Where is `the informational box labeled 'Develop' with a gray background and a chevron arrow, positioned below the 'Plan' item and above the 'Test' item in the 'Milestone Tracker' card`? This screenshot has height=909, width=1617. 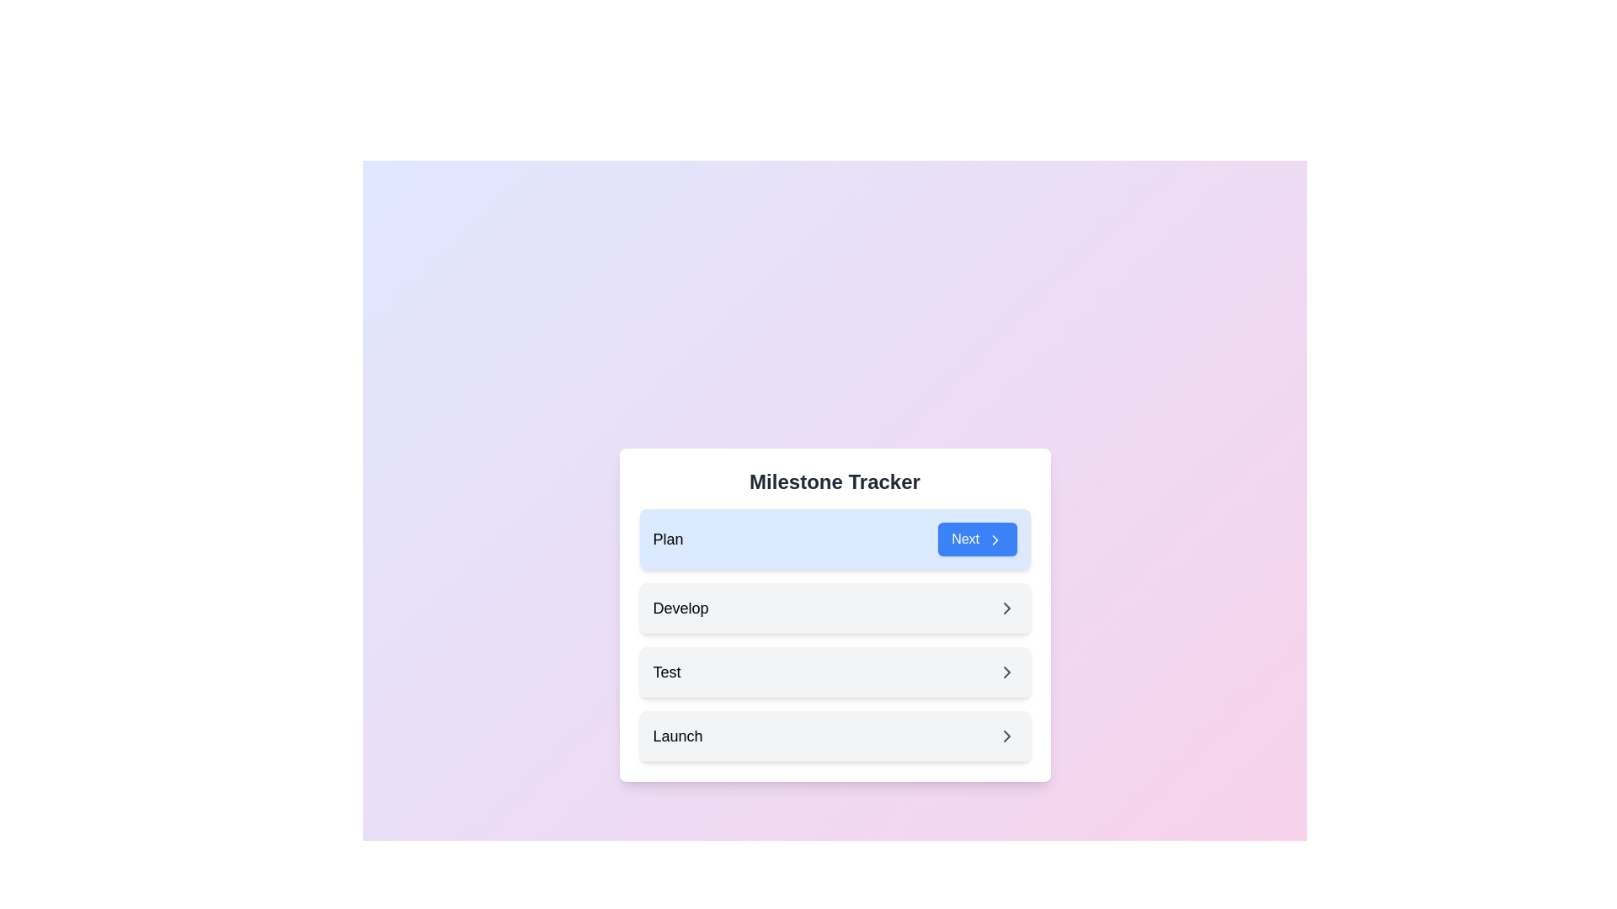 the informational box labeled 'Develop' with a gray background and a chevron arrow, positioned below the 'Plan' item and above the 'Test' item in the 'Milestone Tracker' card is located at coordinates (835, 608).